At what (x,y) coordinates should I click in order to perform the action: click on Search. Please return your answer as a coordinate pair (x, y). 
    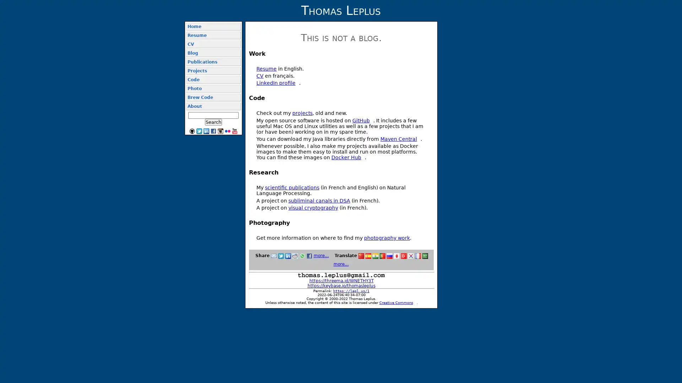
    Looking at the image, I should click on (213, 122).